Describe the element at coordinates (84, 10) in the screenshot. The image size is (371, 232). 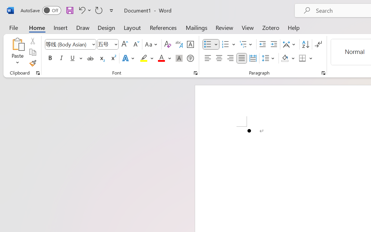
I see `'Undo Bullet Default'` at that location.